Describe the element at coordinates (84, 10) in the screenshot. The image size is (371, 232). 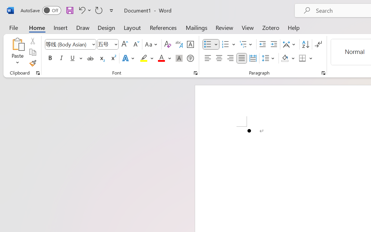
I see `'Undo Bullet Default'` at that location.